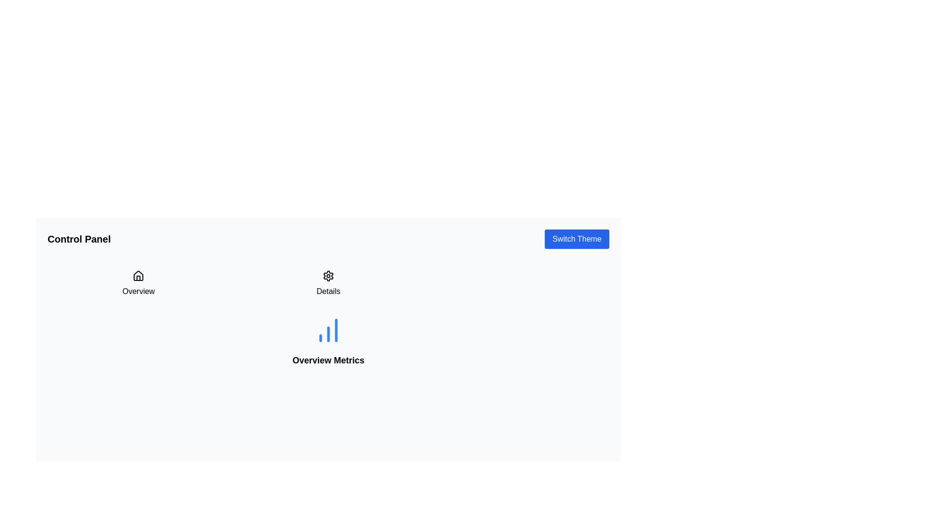  What do you see at coordinates (138, 276) in the screenshot?
I see `the house icon located above the 'Overview' label to trigger tooltip or similar interactions` at bounding box center [138, 276].